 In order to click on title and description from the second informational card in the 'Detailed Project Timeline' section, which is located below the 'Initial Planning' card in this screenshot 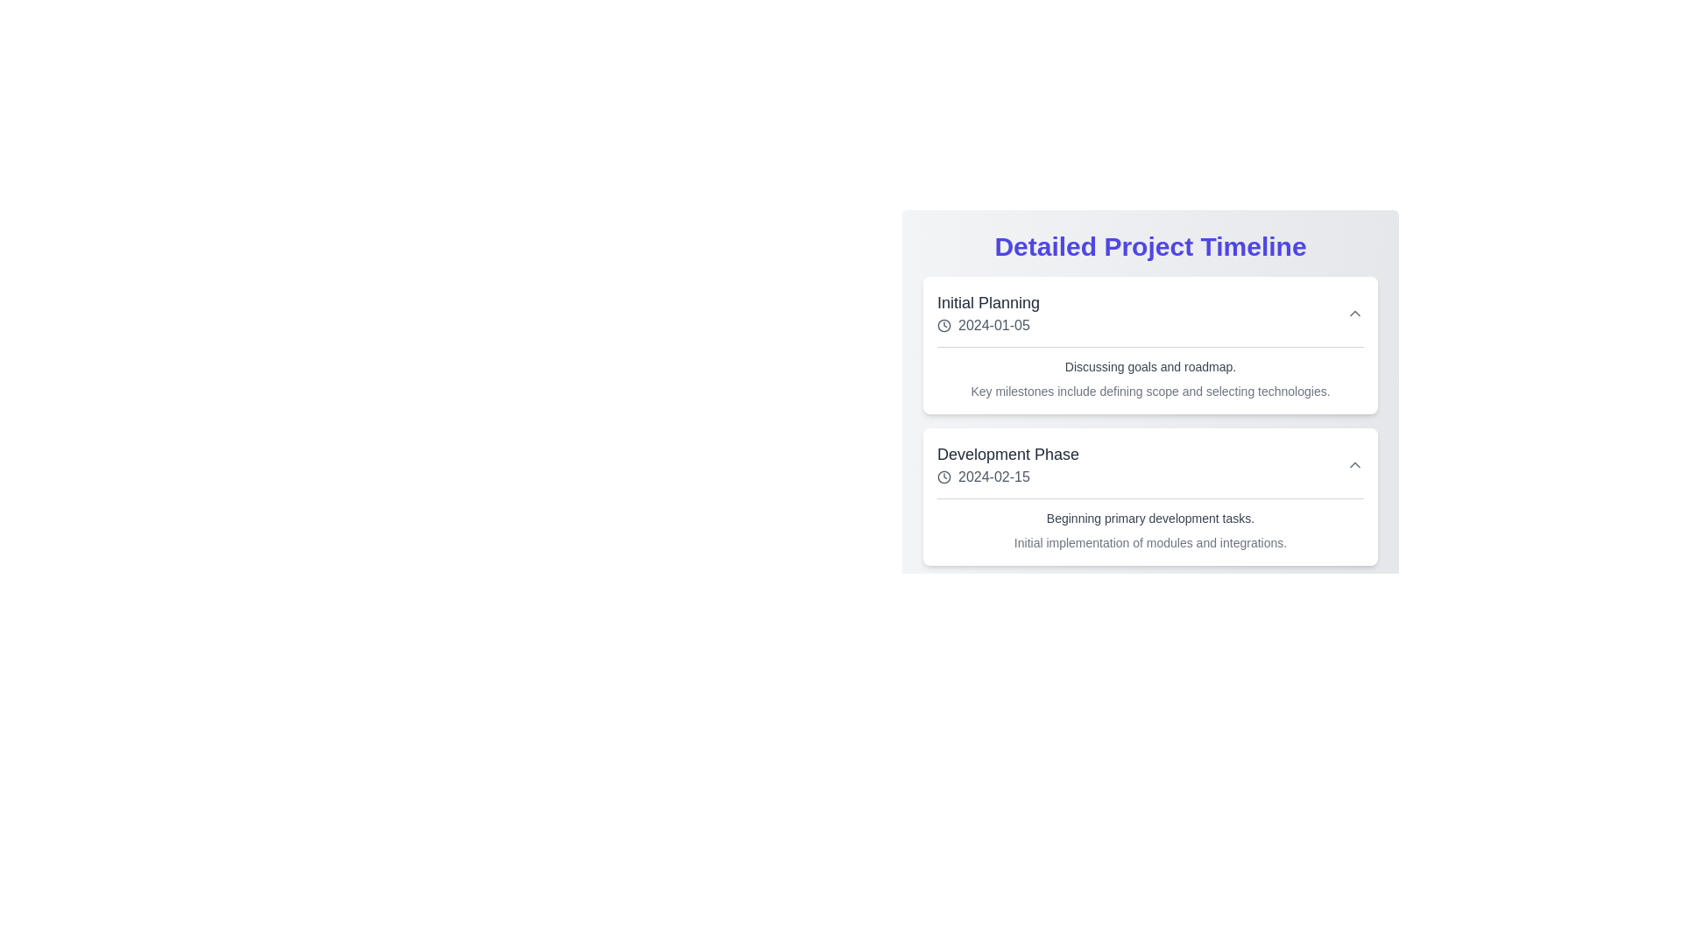, I will do `click(1150, 497)`.